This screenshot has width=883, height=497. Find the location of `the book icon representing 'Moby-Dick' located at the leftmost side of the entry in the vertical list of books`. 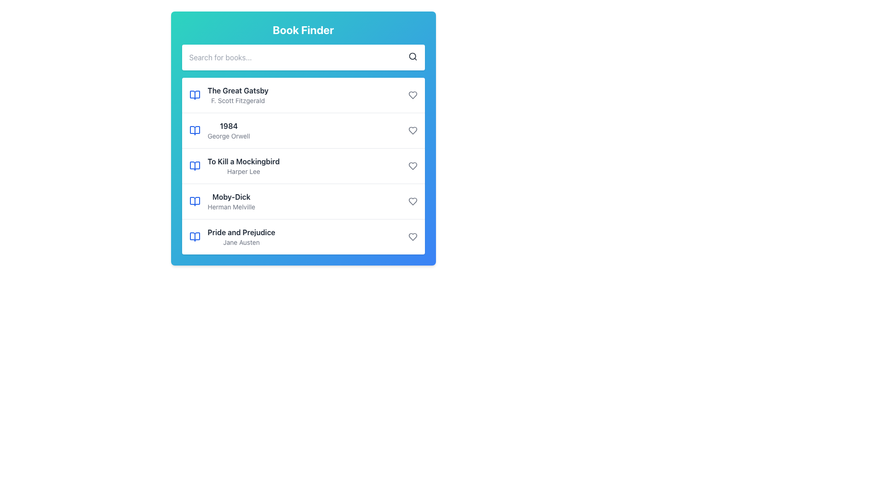

the book icon representing 'Moby-Dick' located at the leftmost side of the entry in the vertical list of books is located at coordinates (194, 201).